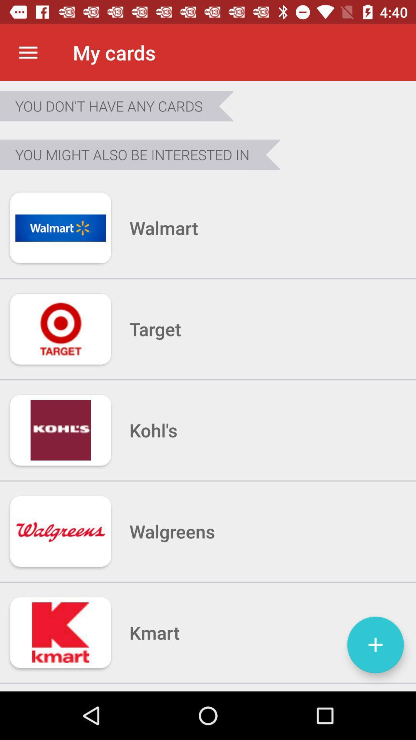 The width and height of the screenshot is (416, 740). Describe the element at coordinates (28, 52) in the screenshot. I see `icon to the left of the my cards item` at that location.